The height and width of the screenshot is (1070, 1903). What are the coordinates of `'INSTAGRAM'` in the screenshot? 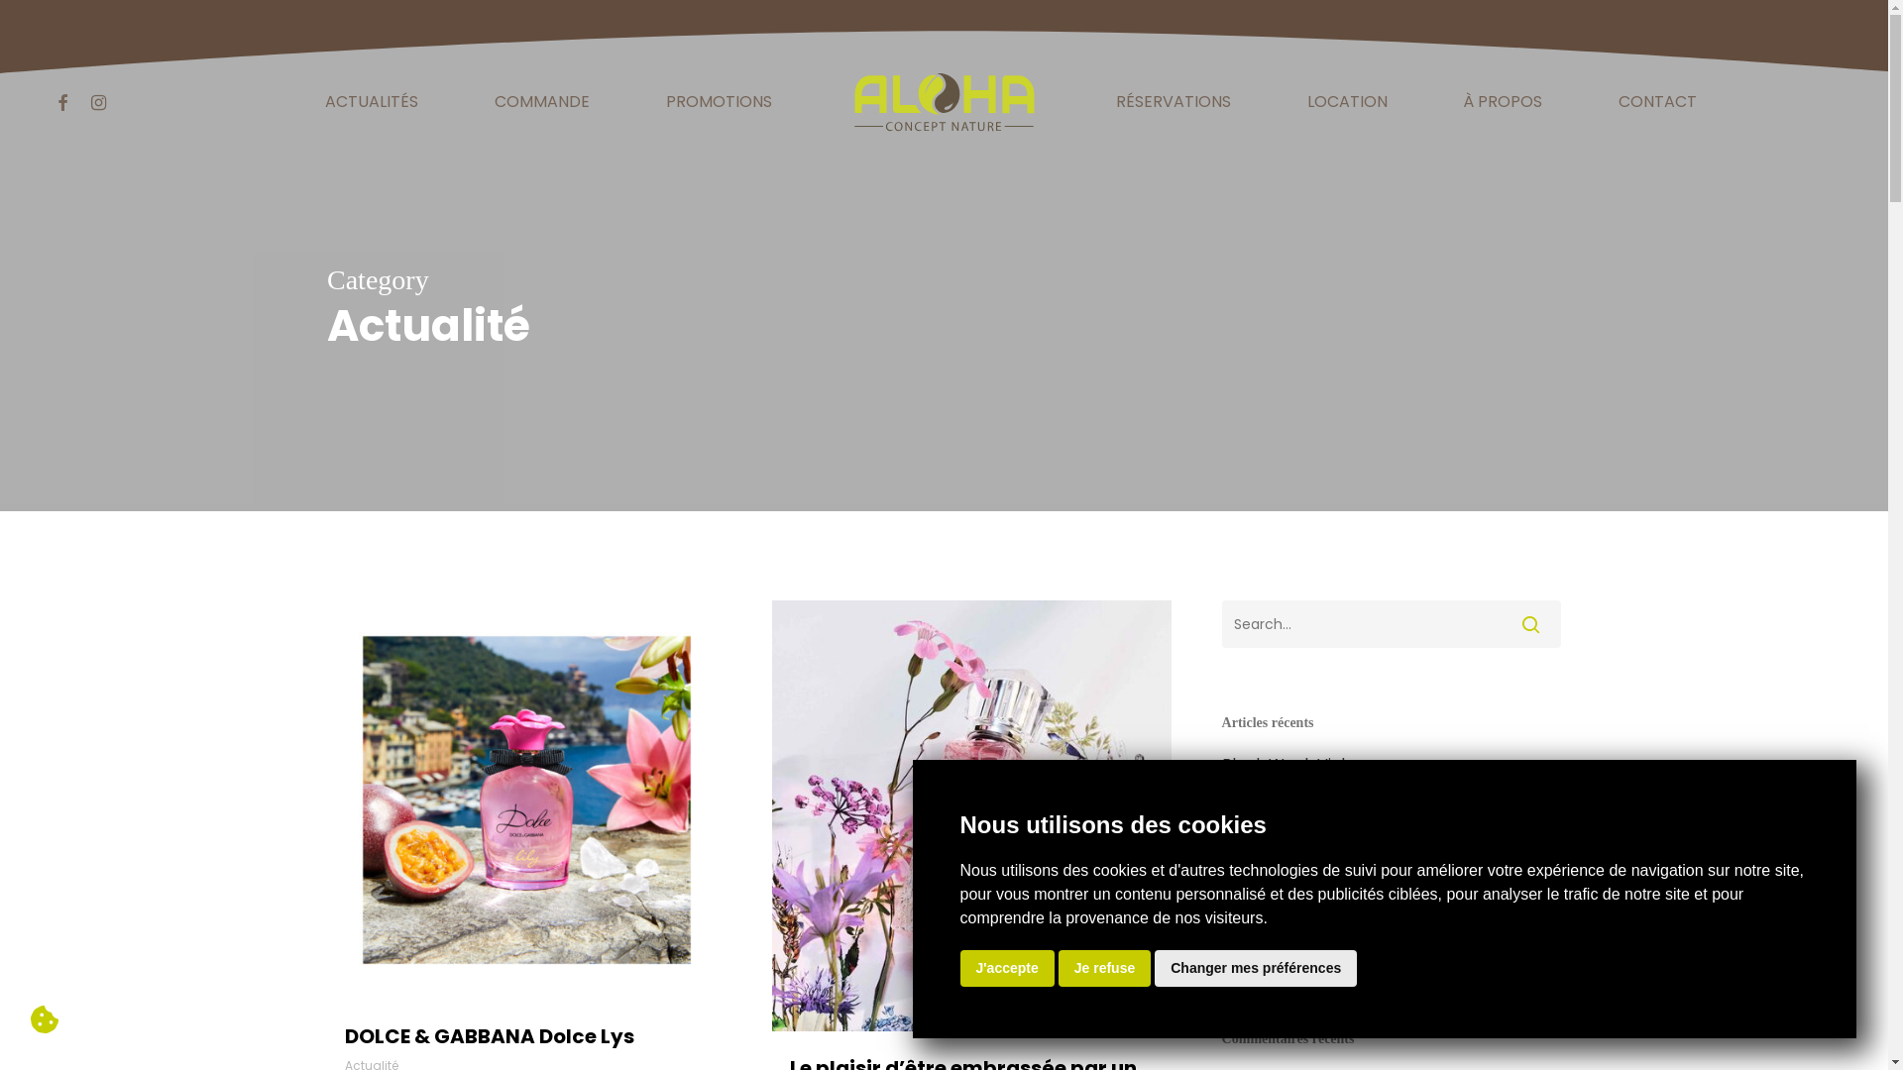 It's located at (97, 102).